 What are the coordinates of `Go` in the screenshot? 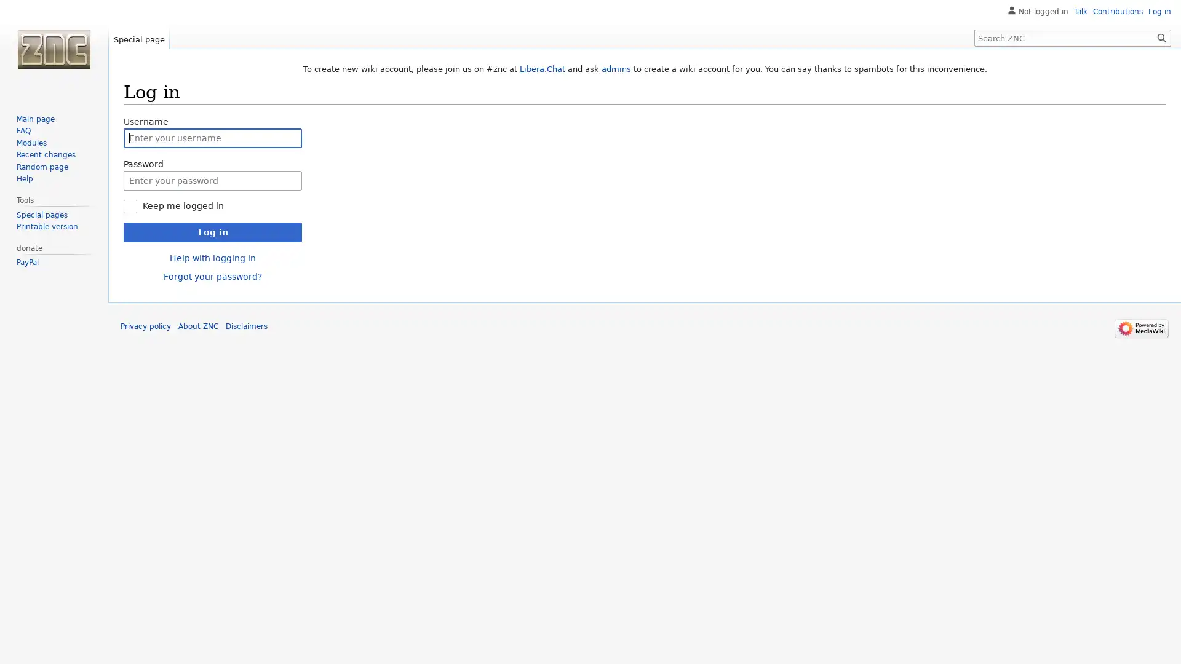 It's located at (1161, 37).